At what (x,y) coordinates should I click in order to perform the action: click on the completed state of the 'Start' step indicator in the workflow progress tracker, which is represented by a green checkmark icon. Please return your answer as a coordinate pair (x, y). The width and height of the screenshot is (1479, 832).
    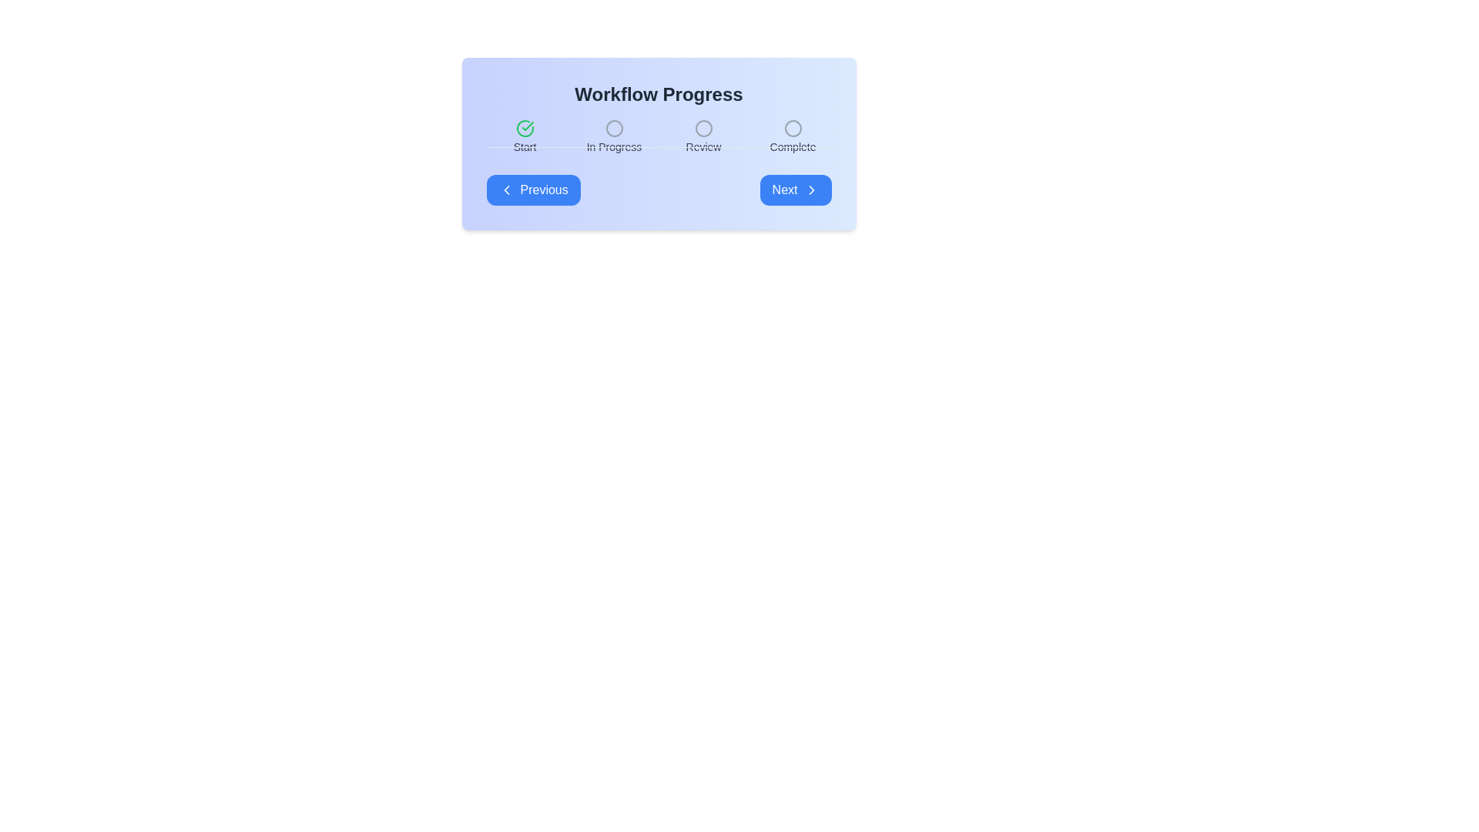
    Looking at the image, I should click on (525, 136).